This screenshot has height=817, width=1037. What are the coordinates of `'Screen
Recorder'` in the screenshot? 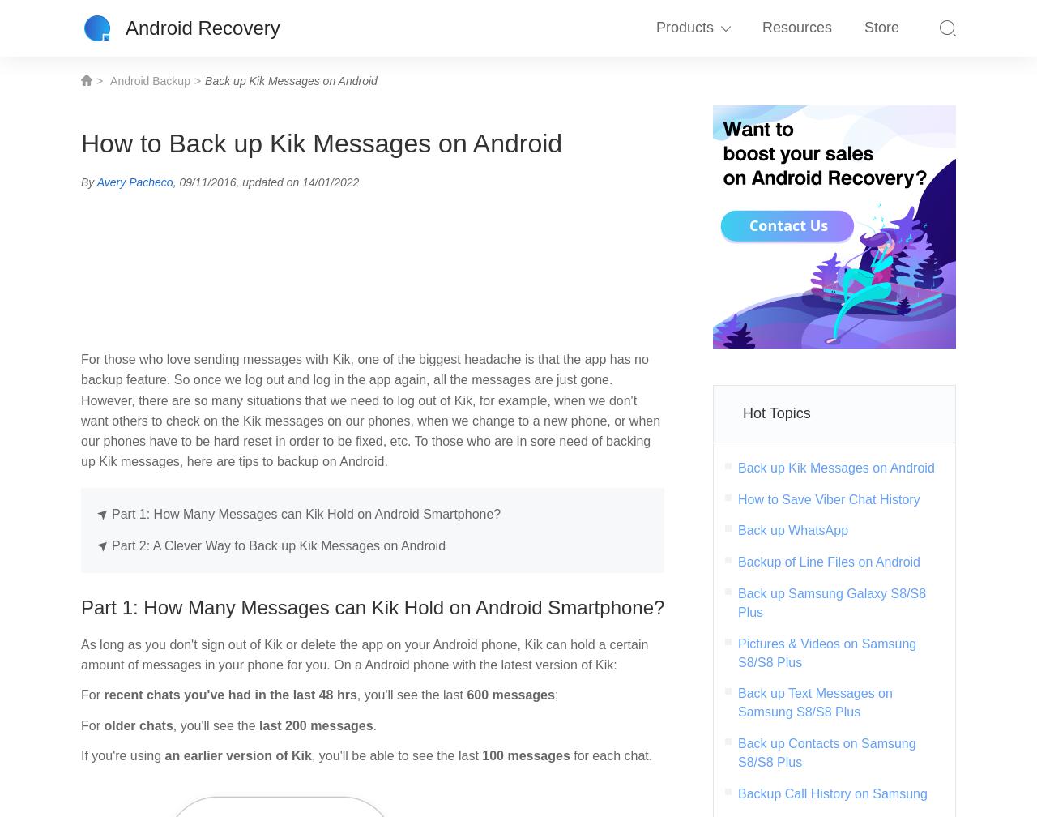 It's located at (818, 200).